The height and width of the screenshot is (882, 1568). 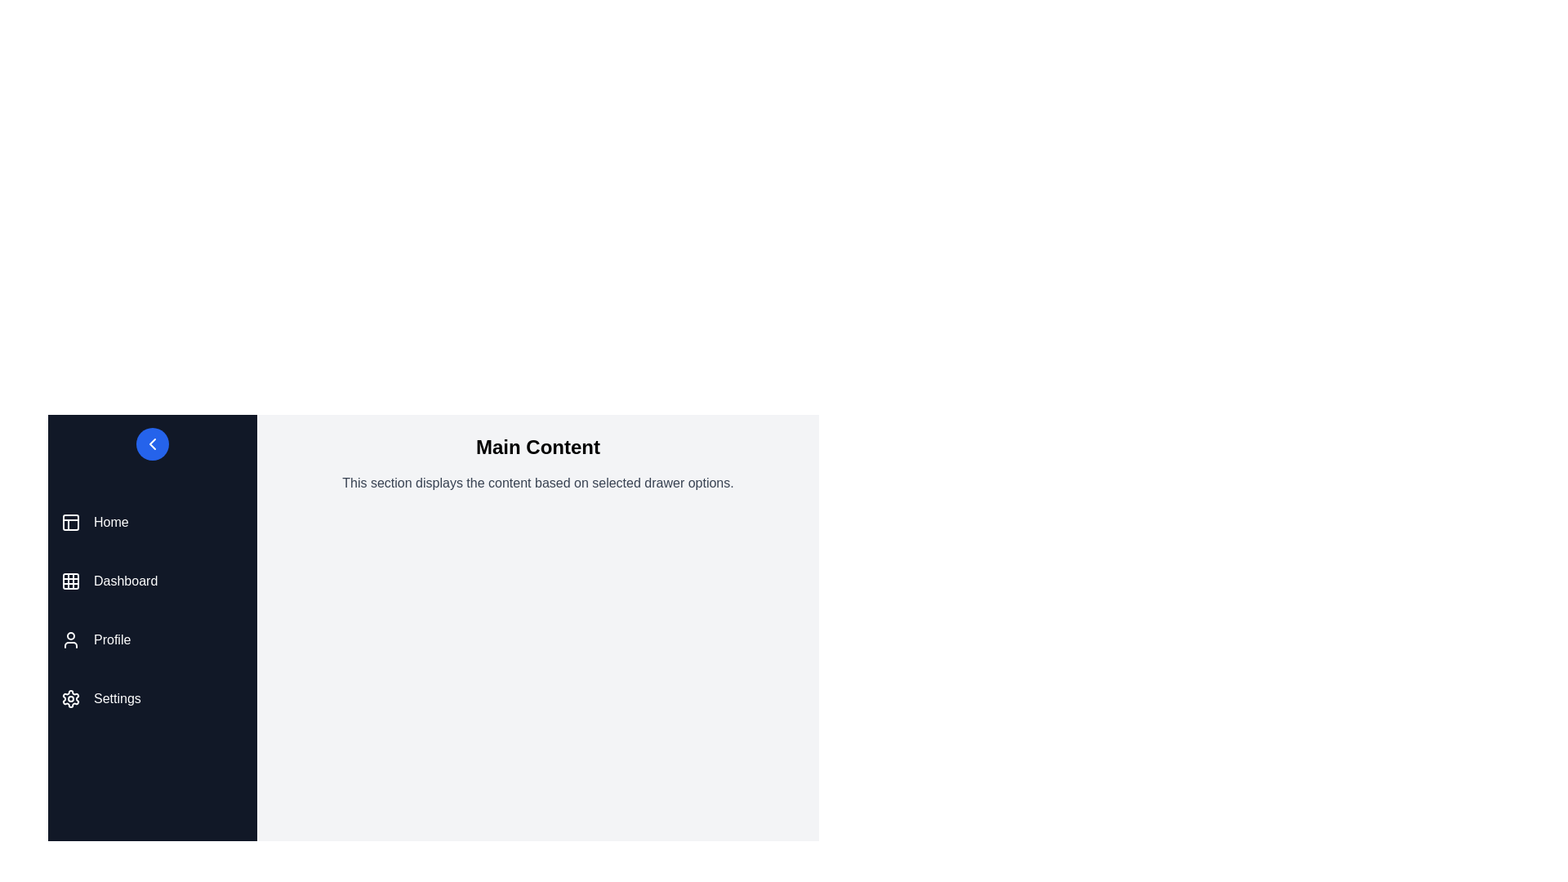 What do you see at coordinates (153, 523) in the screenshot?
I see `the menu item Home from the drawer` at bounding box center [153, 523].